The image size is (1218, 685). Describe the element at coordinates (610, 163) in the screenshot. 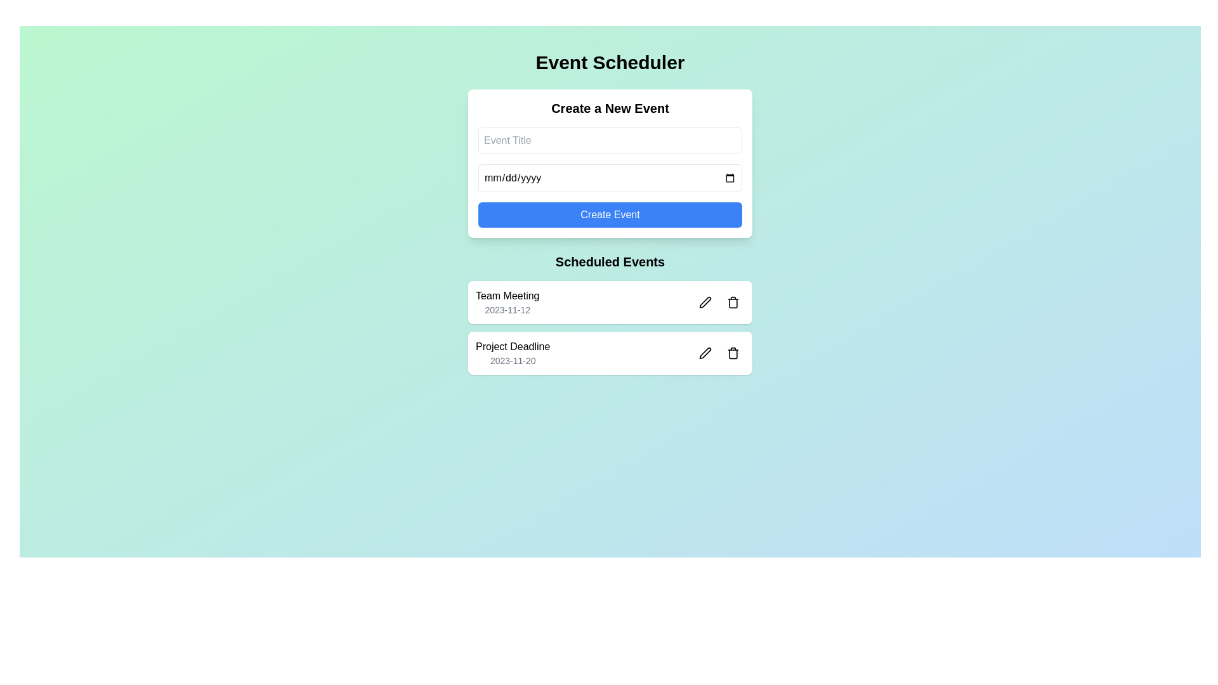

I see `the date input field of the 'Create a New Event' form` at that location.